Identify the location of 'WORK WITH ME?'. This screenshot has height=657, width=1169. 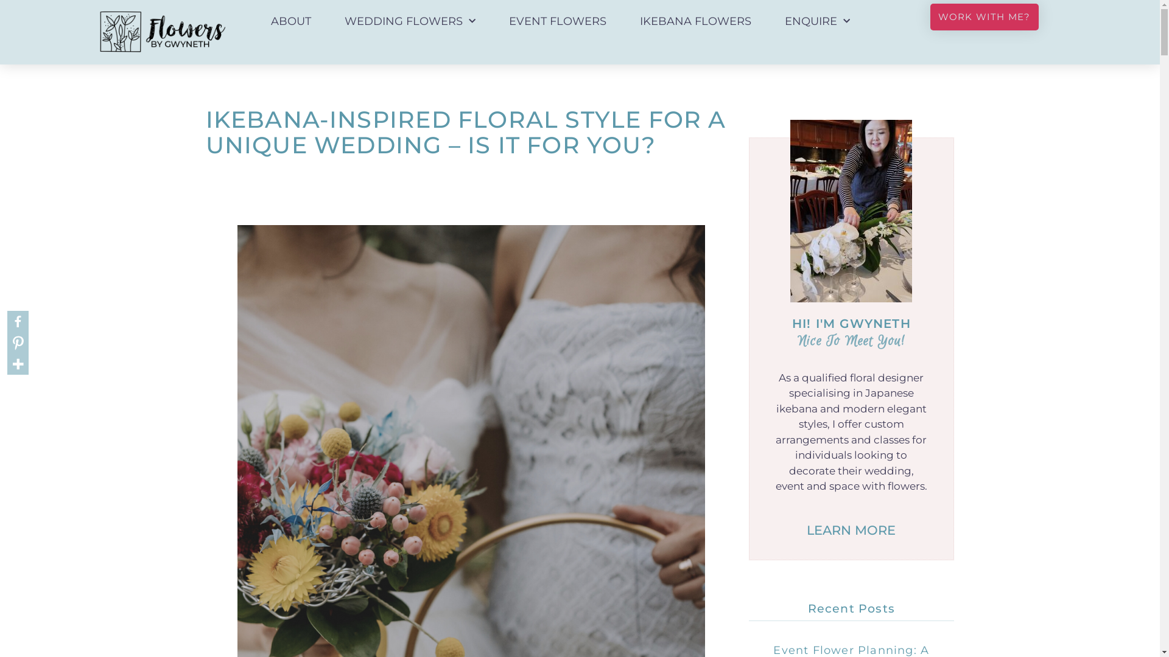
(929, 16).